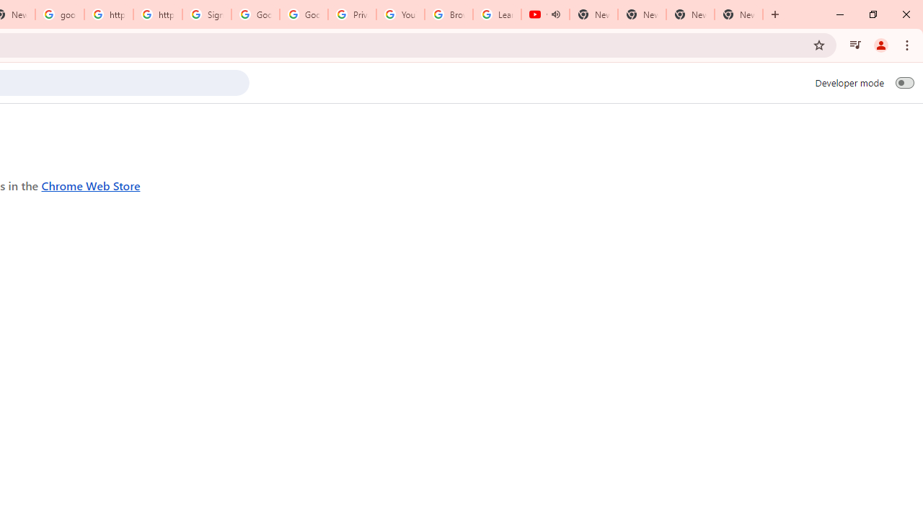 The image size is (923, 519). What do you see at coordinates (904, 82) in the screenshot?
I see `'Developer mode'` at bounding box center [904, 82].